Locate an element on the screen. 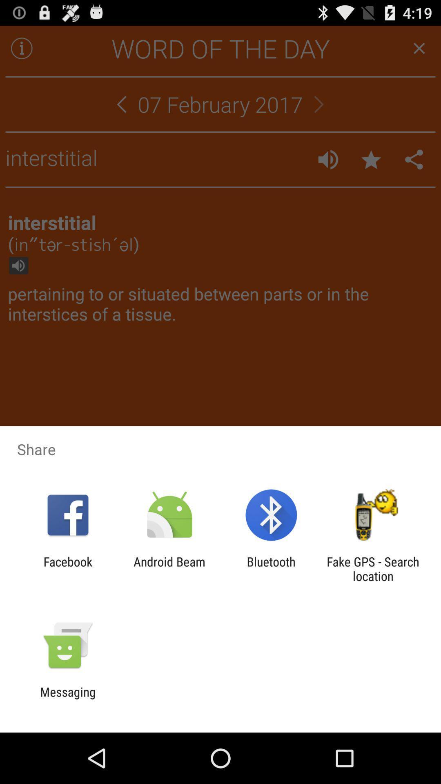  app to the right of android beam icon is located at coordinates (271, 568).